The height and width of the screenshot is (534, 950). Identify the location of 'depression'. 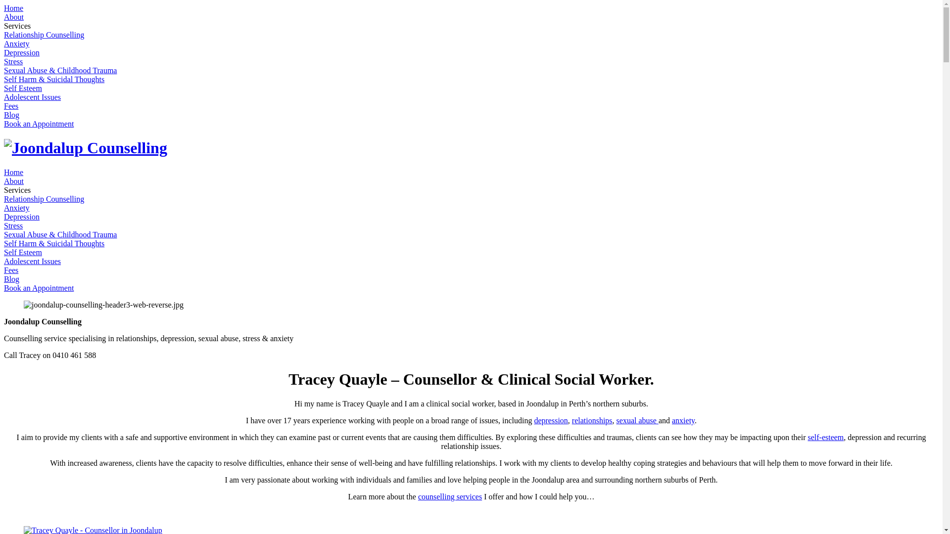
(550, 420).